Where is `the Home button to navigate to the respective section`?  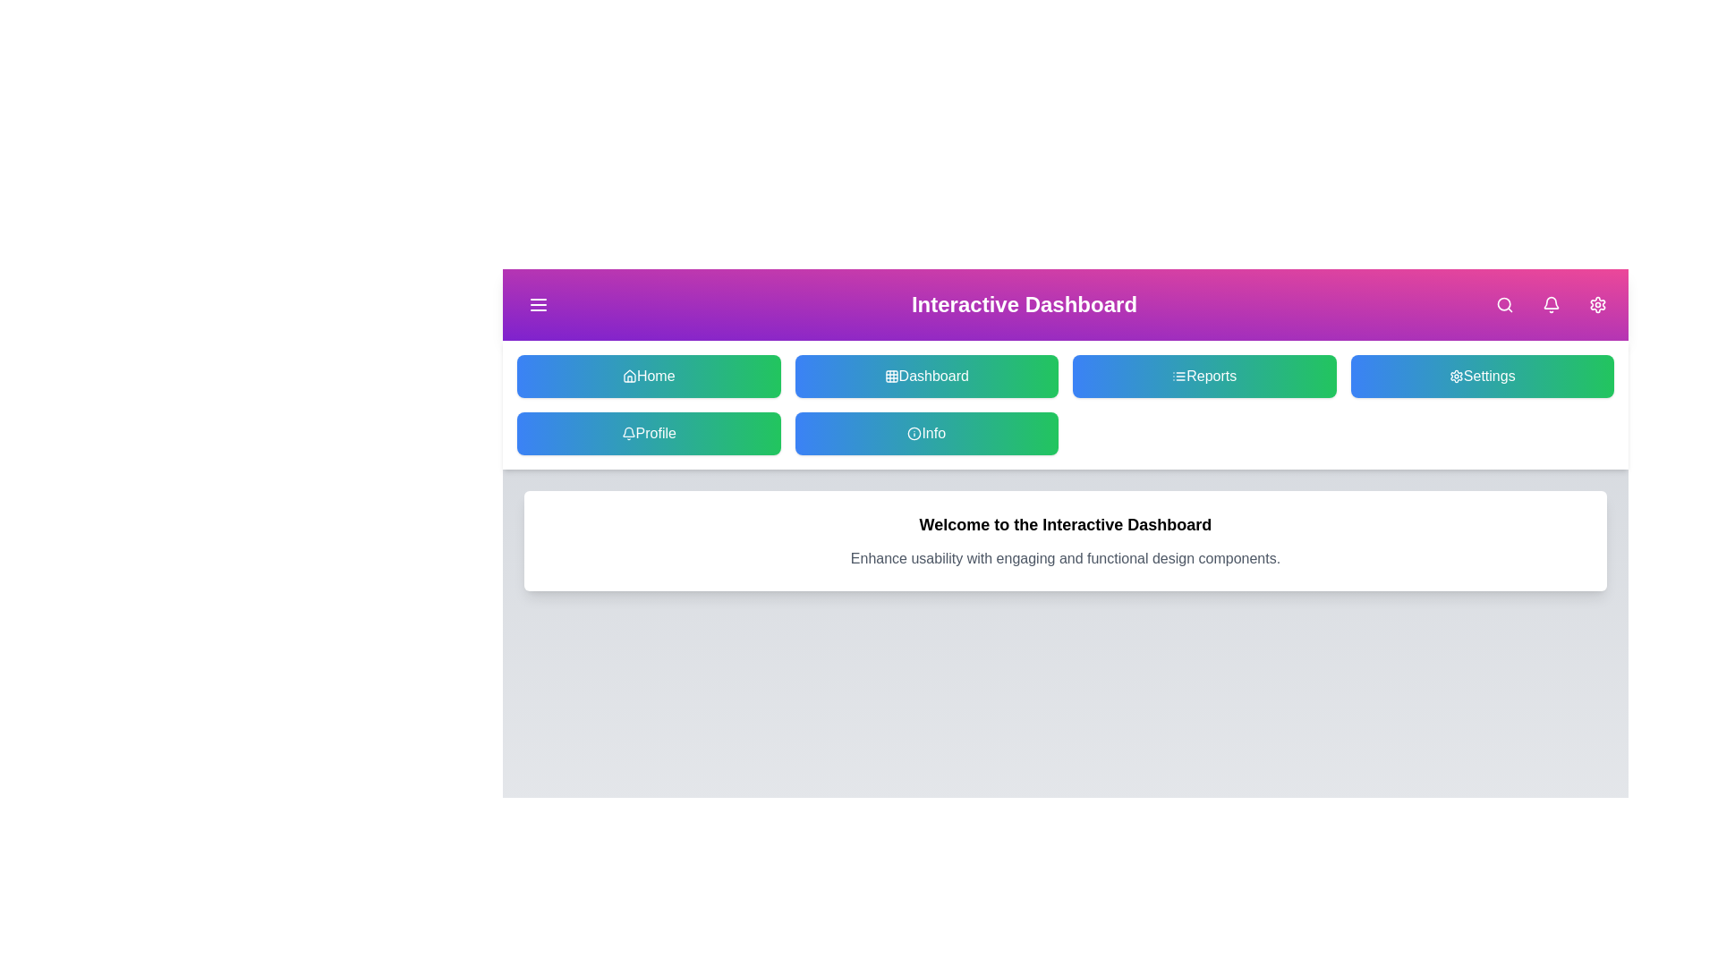
the Home button to navigate to the respective section is located at coordinates (648, 375).